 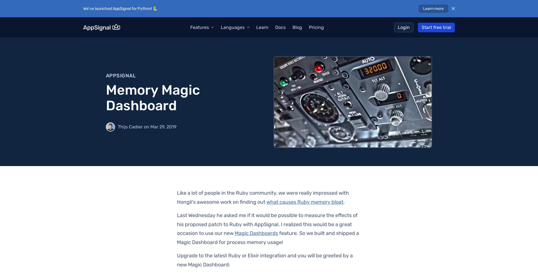 I want to click on 'what causes Ruby memory bloat', so click(x=305, y=202).